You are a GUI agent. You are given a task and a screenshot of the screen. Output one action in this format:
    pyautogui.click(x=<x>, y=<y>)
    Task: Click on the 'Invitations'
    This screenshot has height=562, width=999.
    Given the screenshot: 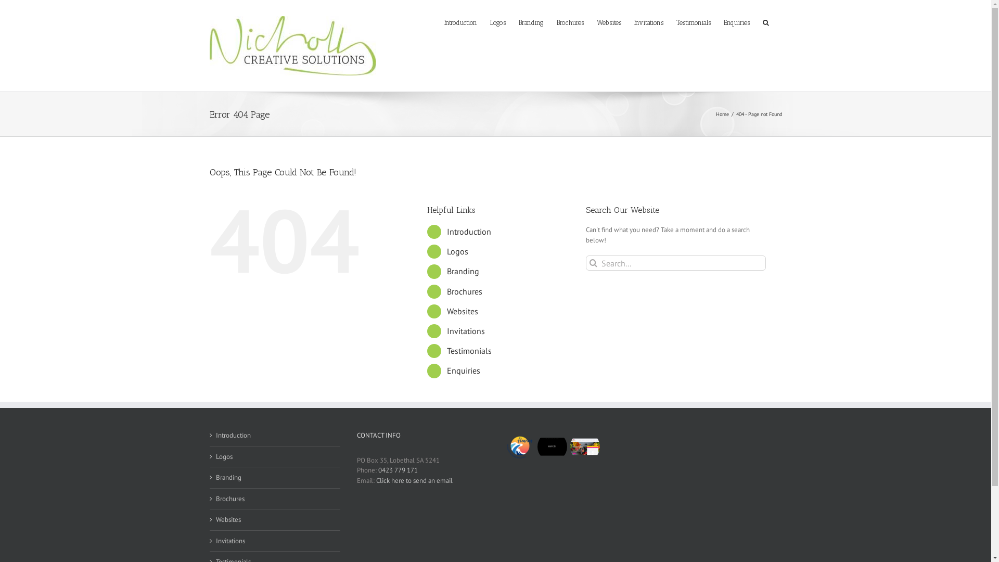 What is the action you would take?
    pyautogui.click(x=275, y=541)
    